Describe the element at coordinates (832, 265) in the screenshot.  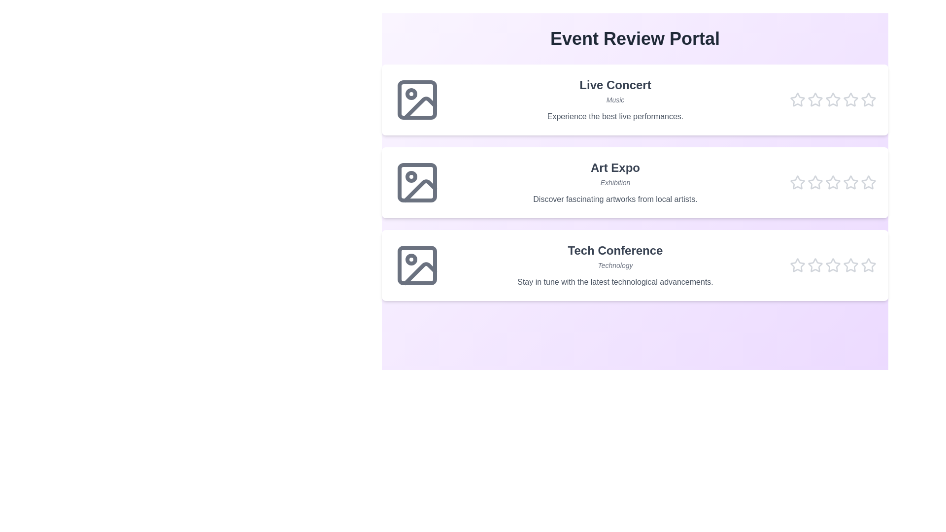
I see `the star corresponding to the rating 3 for the event Tech Conference` at that location.